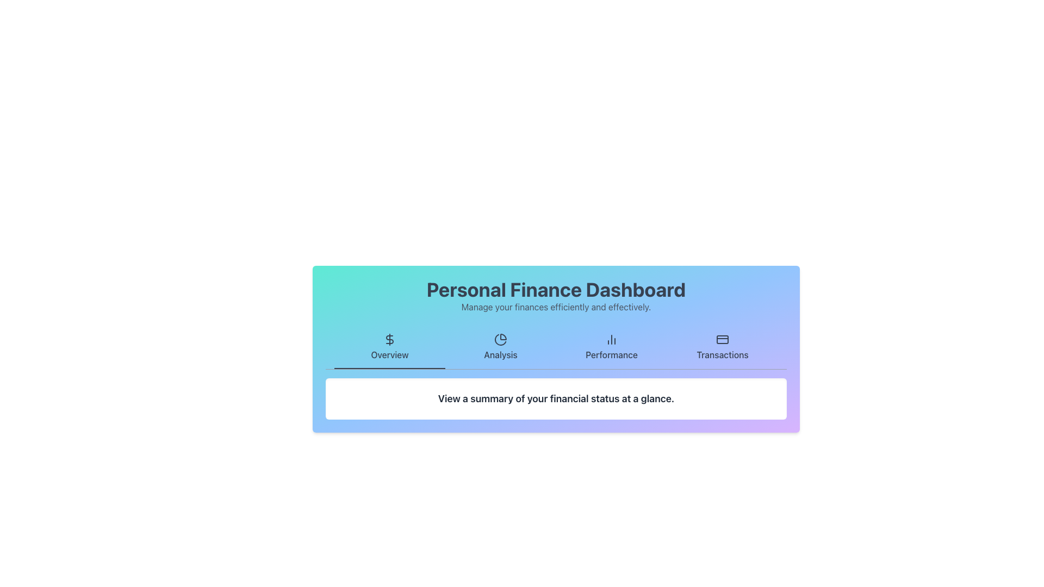 The width and height of the screenshot is (1044, 587). What do you see at coordinates (723, 339) in the screenshot?
I see `the light blue rectangular vector graphic representing the upper part of the credit card icon in the 'Transactions' section` at bounding box center [723, 339].